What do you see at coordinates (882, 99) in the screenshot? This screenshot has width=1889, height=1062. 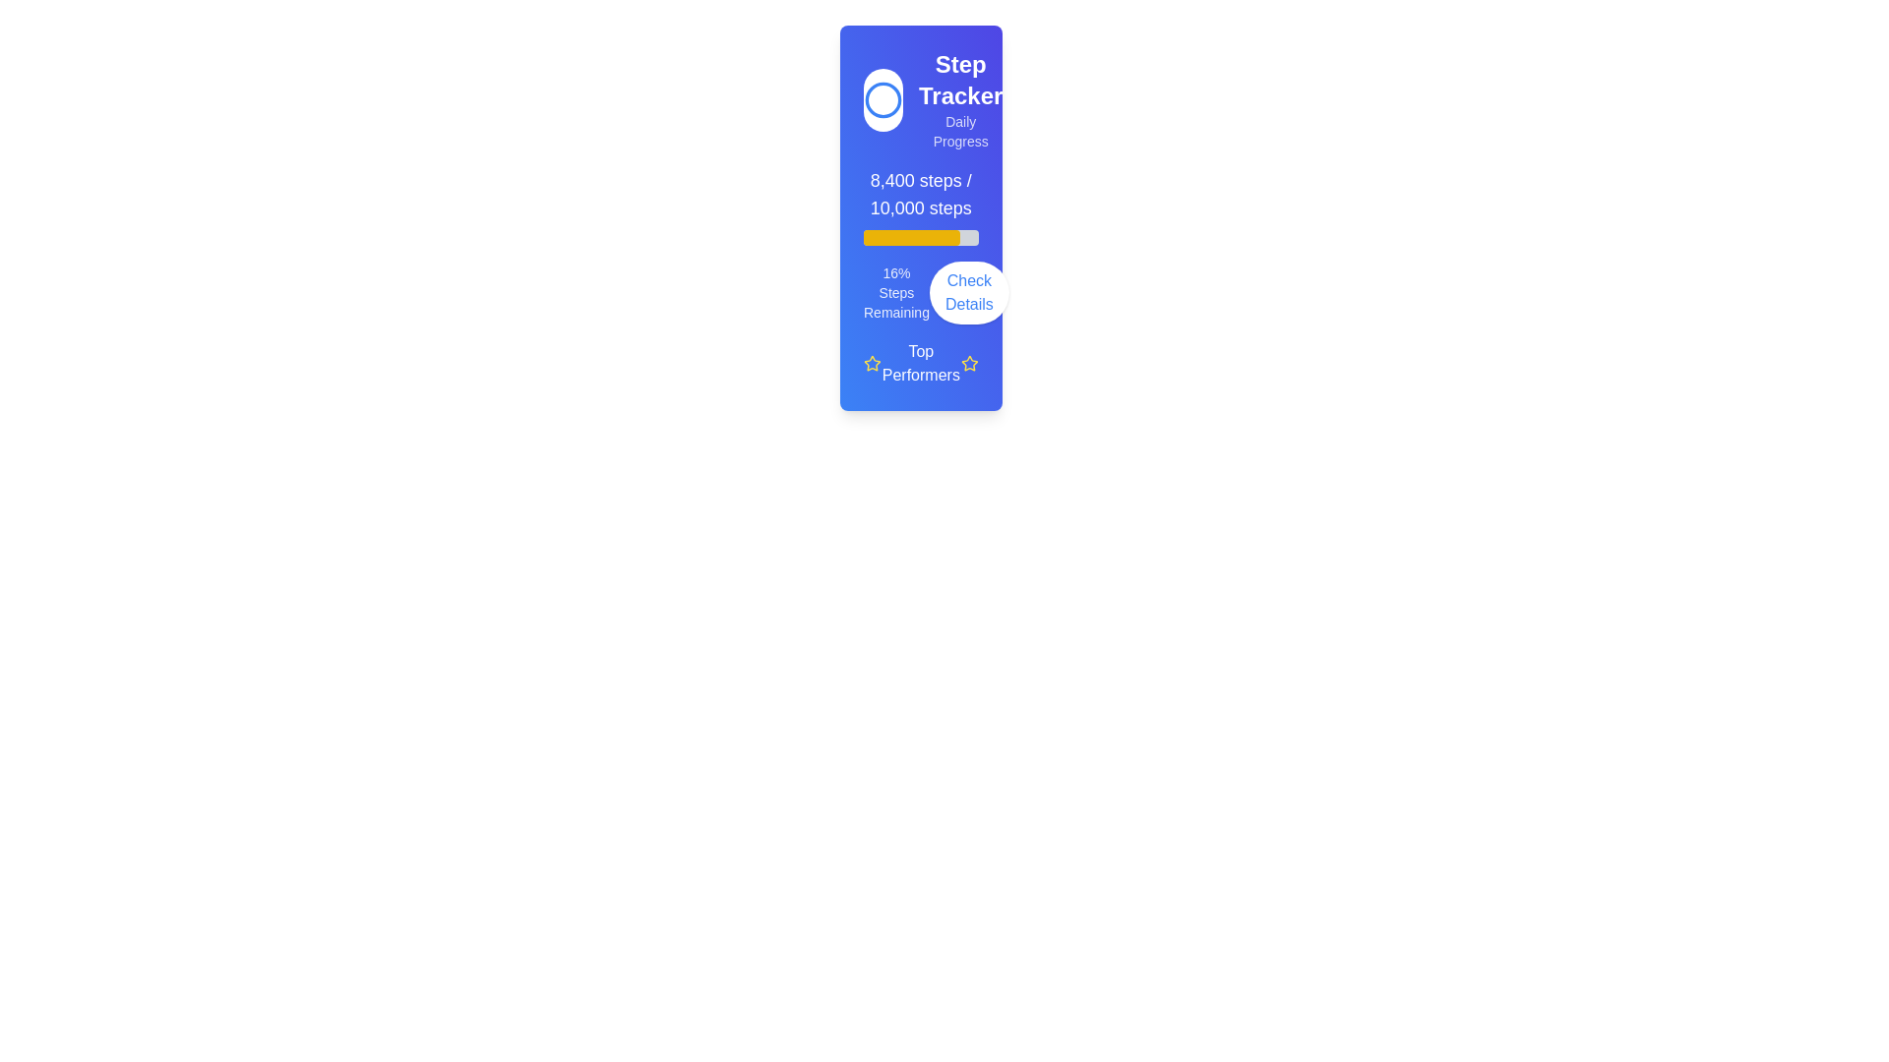 I see `the circular vector graphic with a blue border and hollow center, located at the top-center of the Step Tracker card` at bounding box center [882, 99].